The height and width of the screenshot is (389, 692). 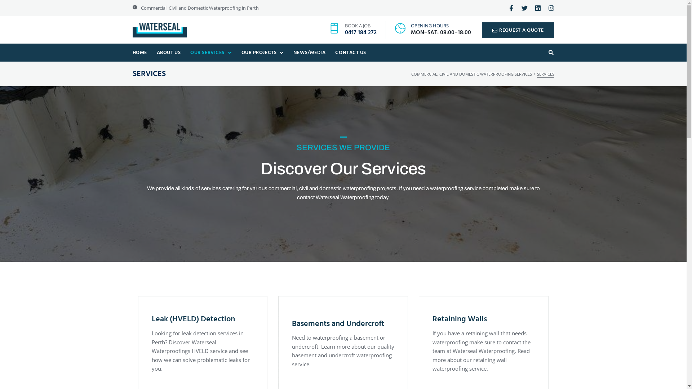 What do you see at coordinates (518, 30) in the screenshot?
I see `'REQUEST A QUOTE'` at bounding box center [518, 30].